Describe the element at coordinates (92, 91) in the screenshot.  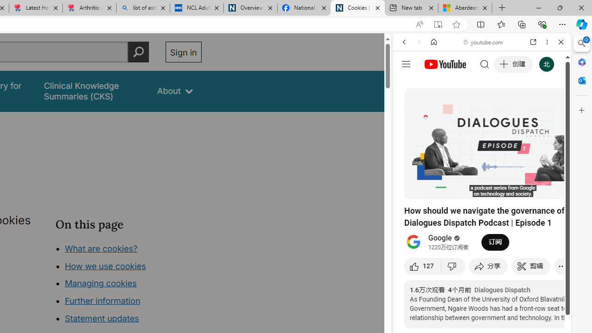
I see `'false'` at that location.